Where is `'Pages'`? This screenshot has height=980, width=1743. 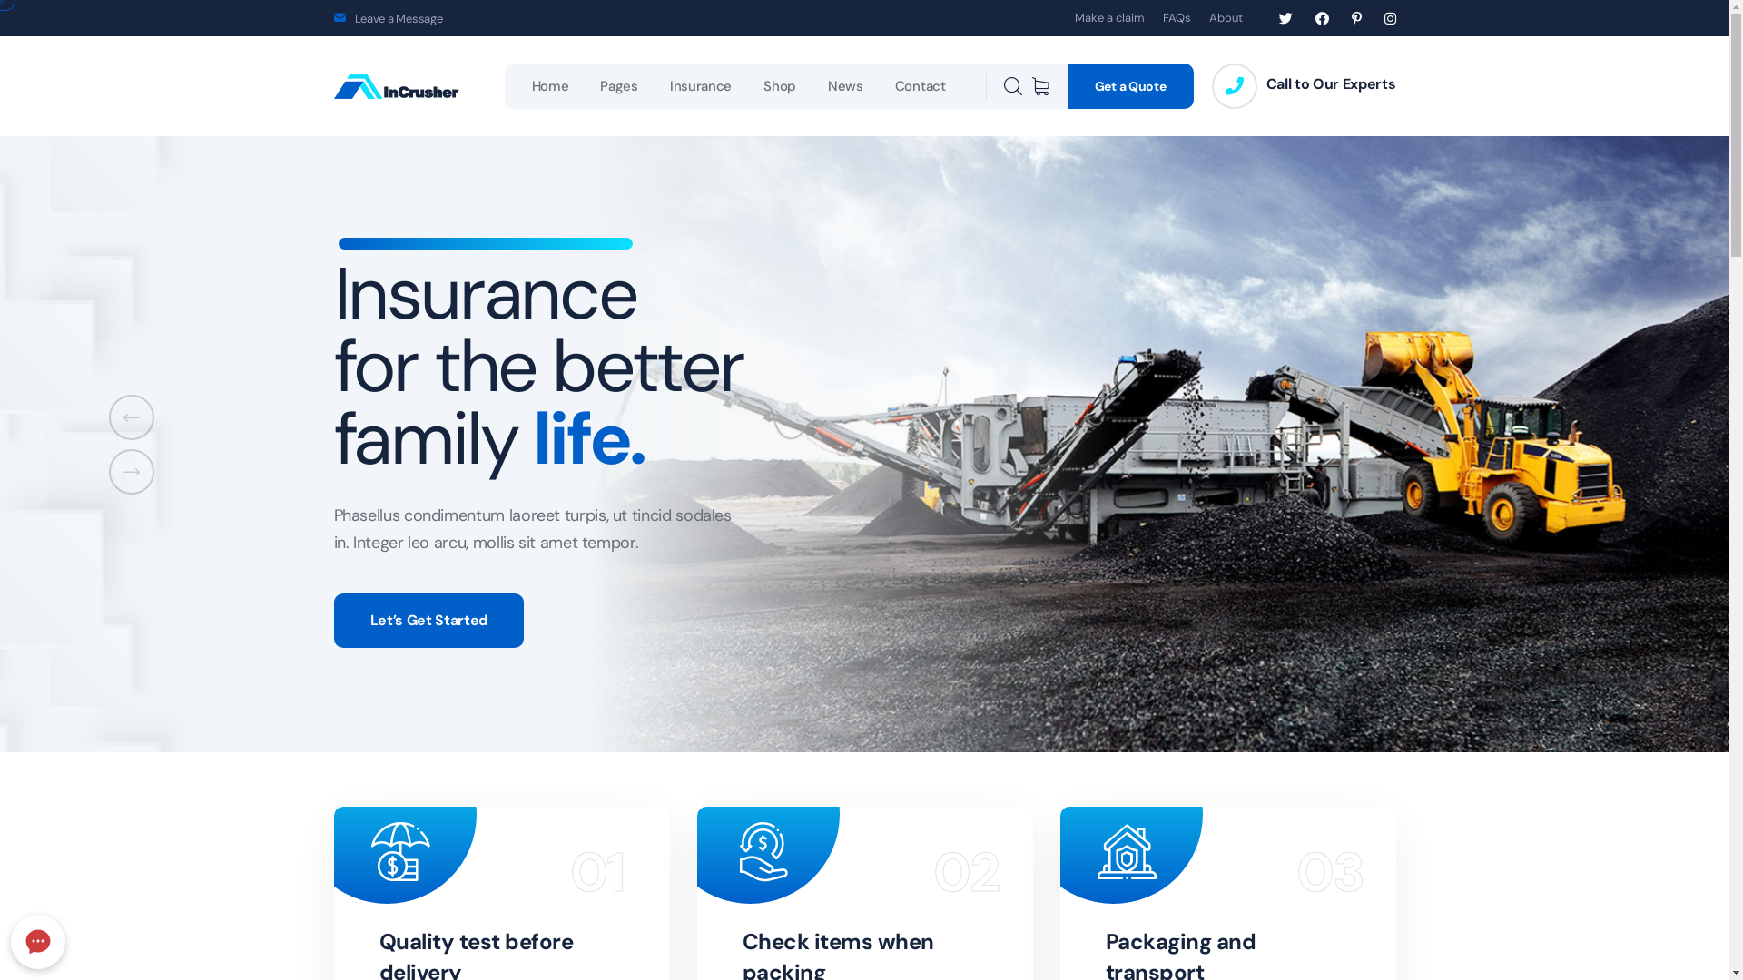
'Pages' is located at coordinates (618, 86).